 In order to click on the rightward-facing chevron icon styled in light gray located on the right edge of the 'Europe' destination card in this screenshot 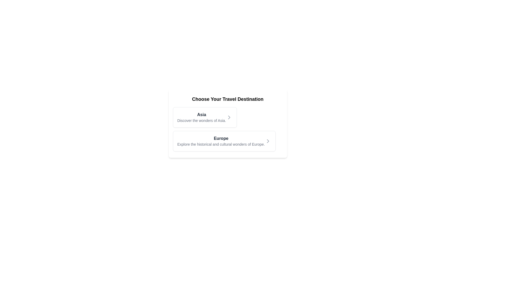, I will do `click(268, 141)`.